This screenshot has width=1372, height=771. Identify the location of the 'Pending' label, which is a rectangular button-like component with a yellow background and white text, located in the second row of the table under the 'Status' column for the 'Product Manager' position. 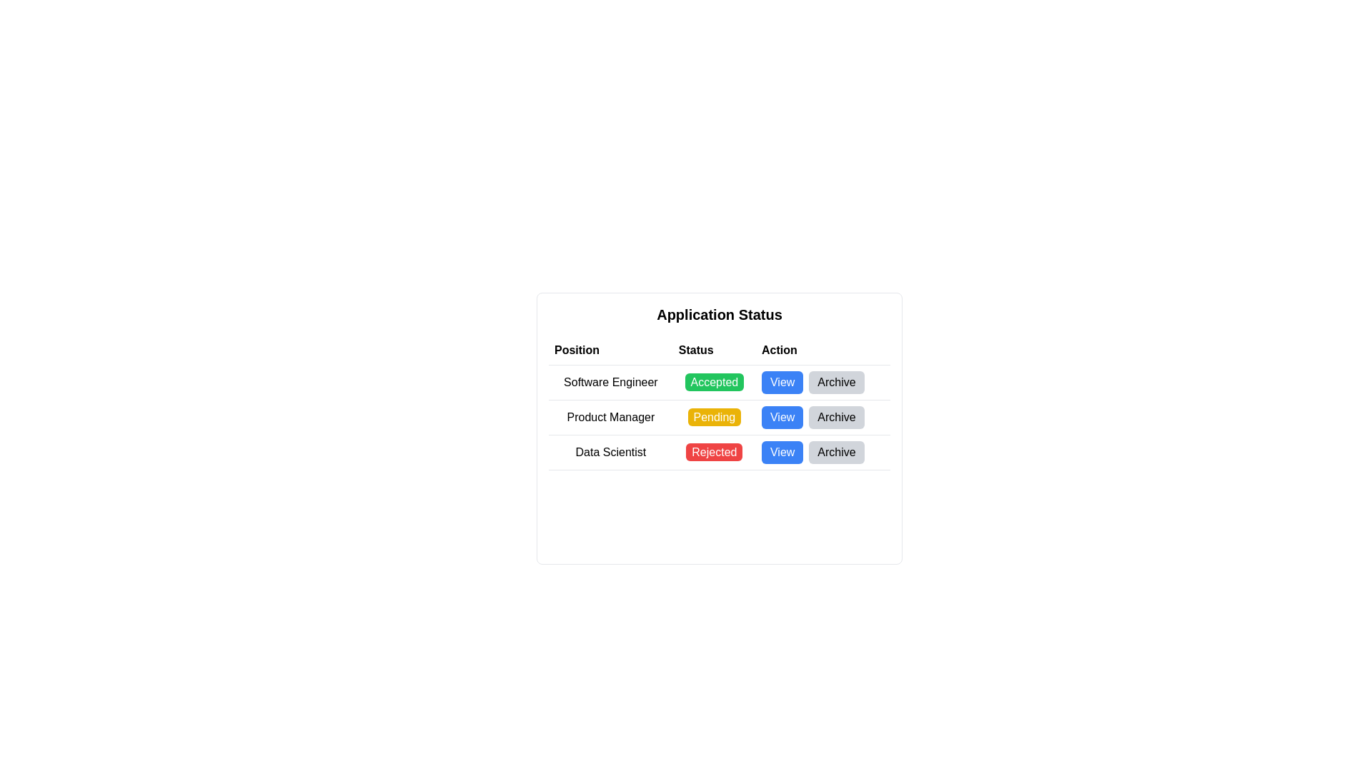
(714, 417).